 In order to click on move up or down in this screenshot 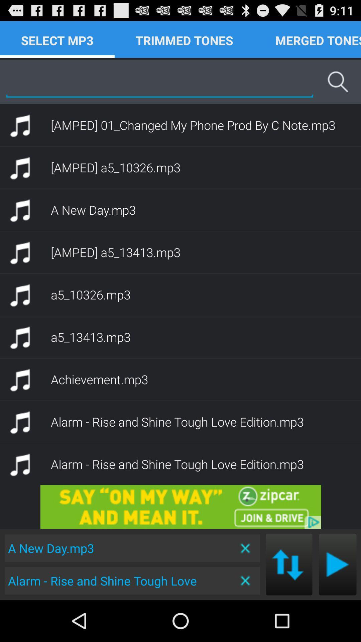, I will do `click(288, 564)`.